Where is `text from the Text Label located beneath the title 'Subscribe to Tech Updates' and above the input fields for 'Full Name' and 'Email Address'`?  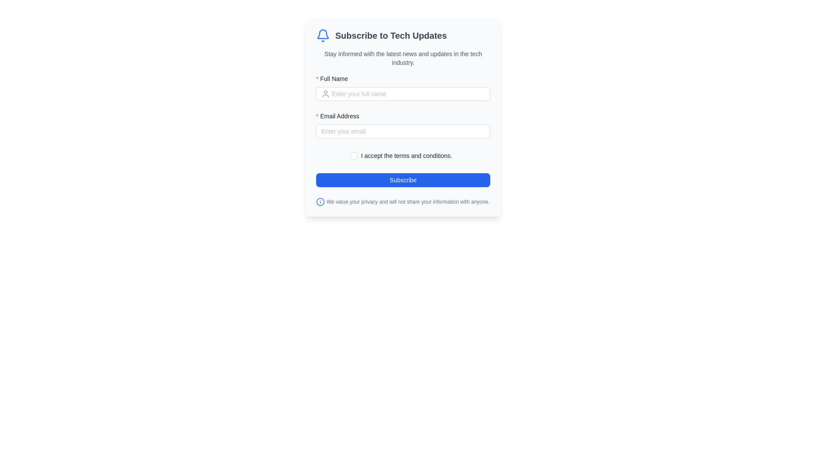 text from the Text Label located beneath the title 'Subscribe to Tech Updates' and above the input fields for 'Full Name' and 'Email Address' is located at coordinates (403, 58).